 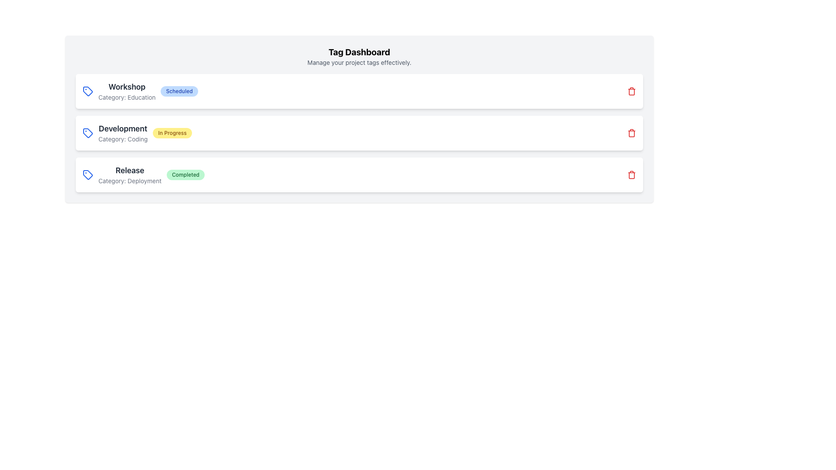 I want to click on the second tag-shaped icon in the vertical list of three, which serves as a visual identifier for the associated list item, so click(x=88, y=133).